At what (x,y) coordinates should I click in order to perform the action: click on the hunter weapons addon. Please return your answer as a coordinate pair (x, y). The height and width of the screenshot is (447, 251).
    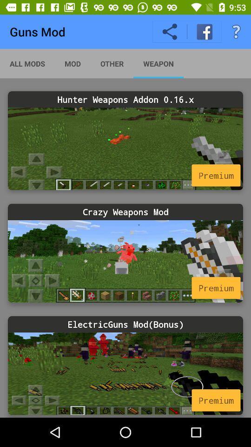
    Looking at the image, I should click on (125, 99).